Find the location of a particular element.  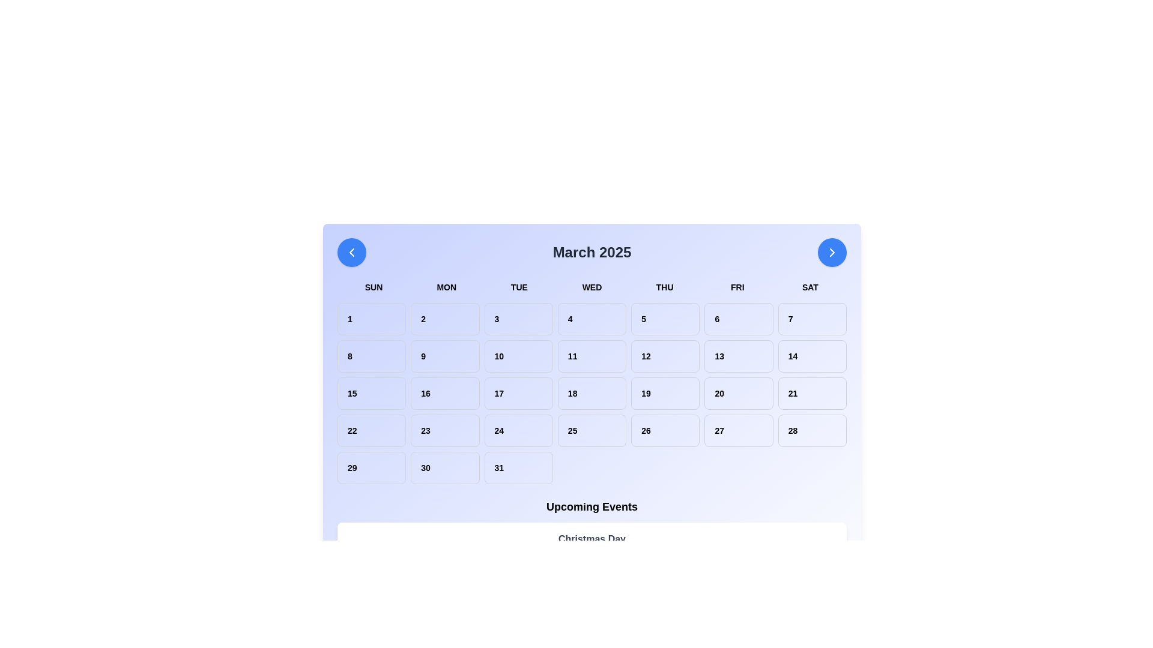

the calendar cell displaying the number '15' in bold black font, located in the third cell of the third row under the 'MON' column is located at coordinates (371, 393).